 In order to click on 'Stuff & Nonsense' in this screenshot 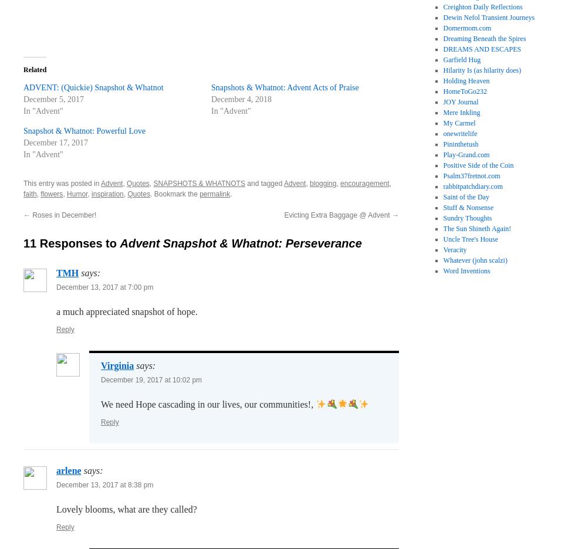, I will do `click(442, 207)`.